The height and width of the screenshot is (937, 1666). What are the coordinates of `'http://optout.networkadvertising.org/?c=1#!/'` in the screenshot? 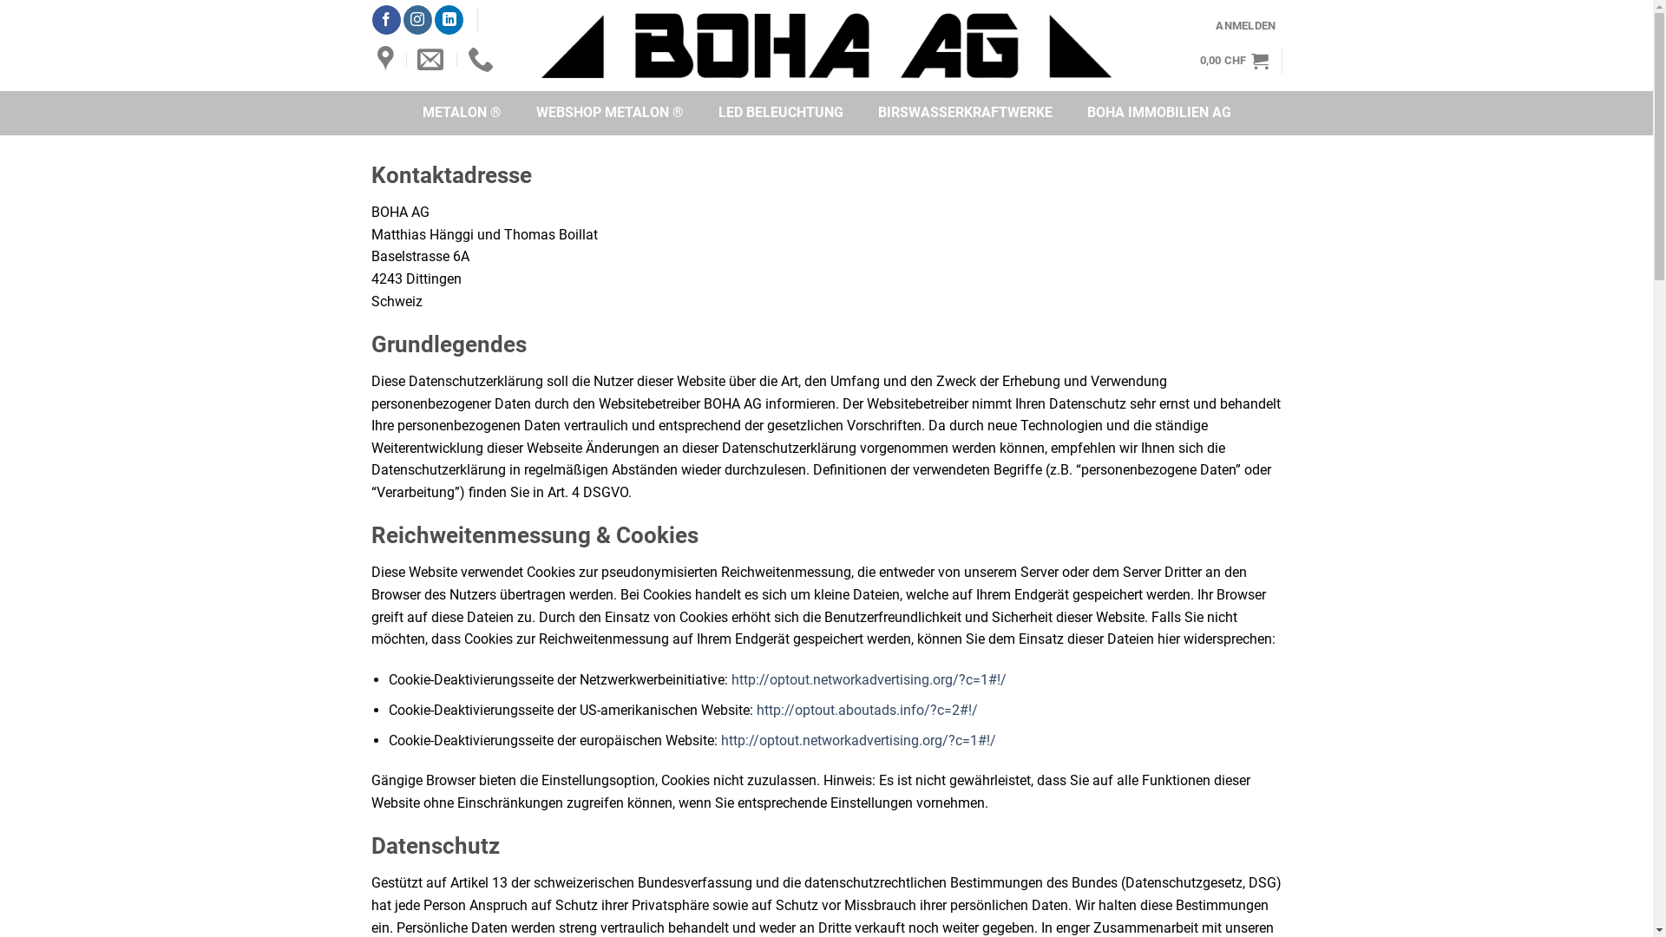 It's located at (858, 740).